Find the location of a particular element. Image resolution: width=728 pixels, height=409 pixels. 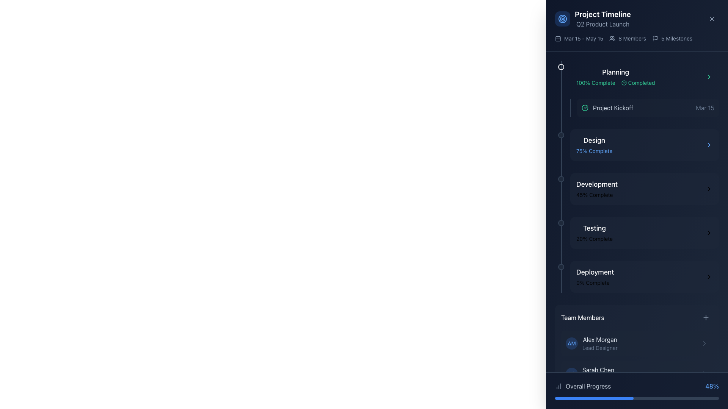

the Text Label that indicates the completion status of the 'Deployment' task, which currently shows 0% is located at coordinates (595, 283).